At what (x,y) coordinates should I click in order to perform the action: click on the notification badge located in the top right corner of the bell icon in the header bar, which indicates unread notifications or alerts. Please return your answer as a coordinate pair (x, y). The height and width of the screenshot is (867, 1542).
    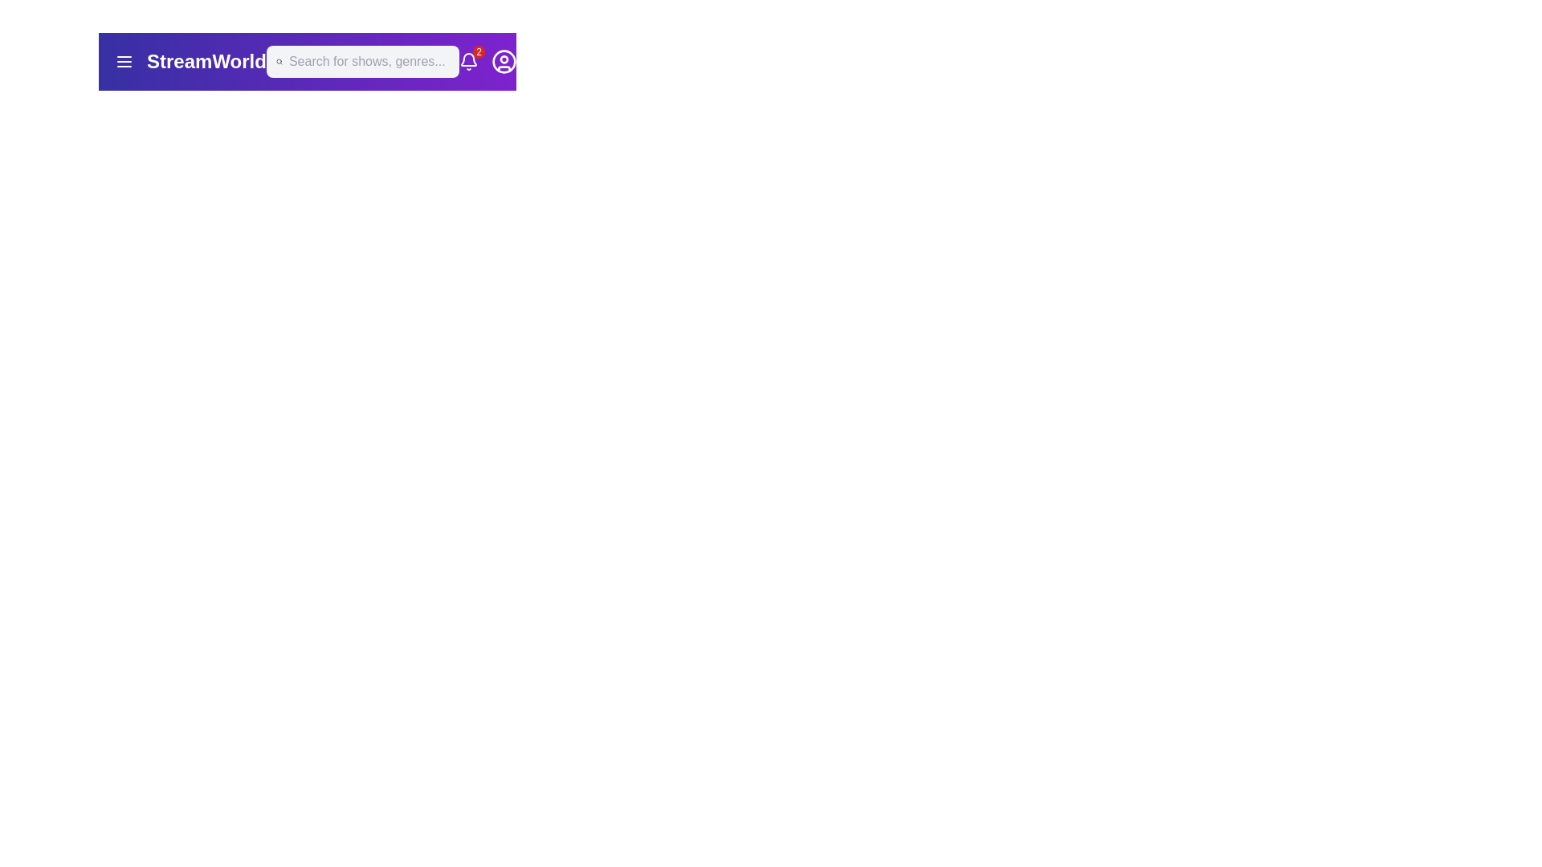
    Looking at the image, I should click on (478, 51).